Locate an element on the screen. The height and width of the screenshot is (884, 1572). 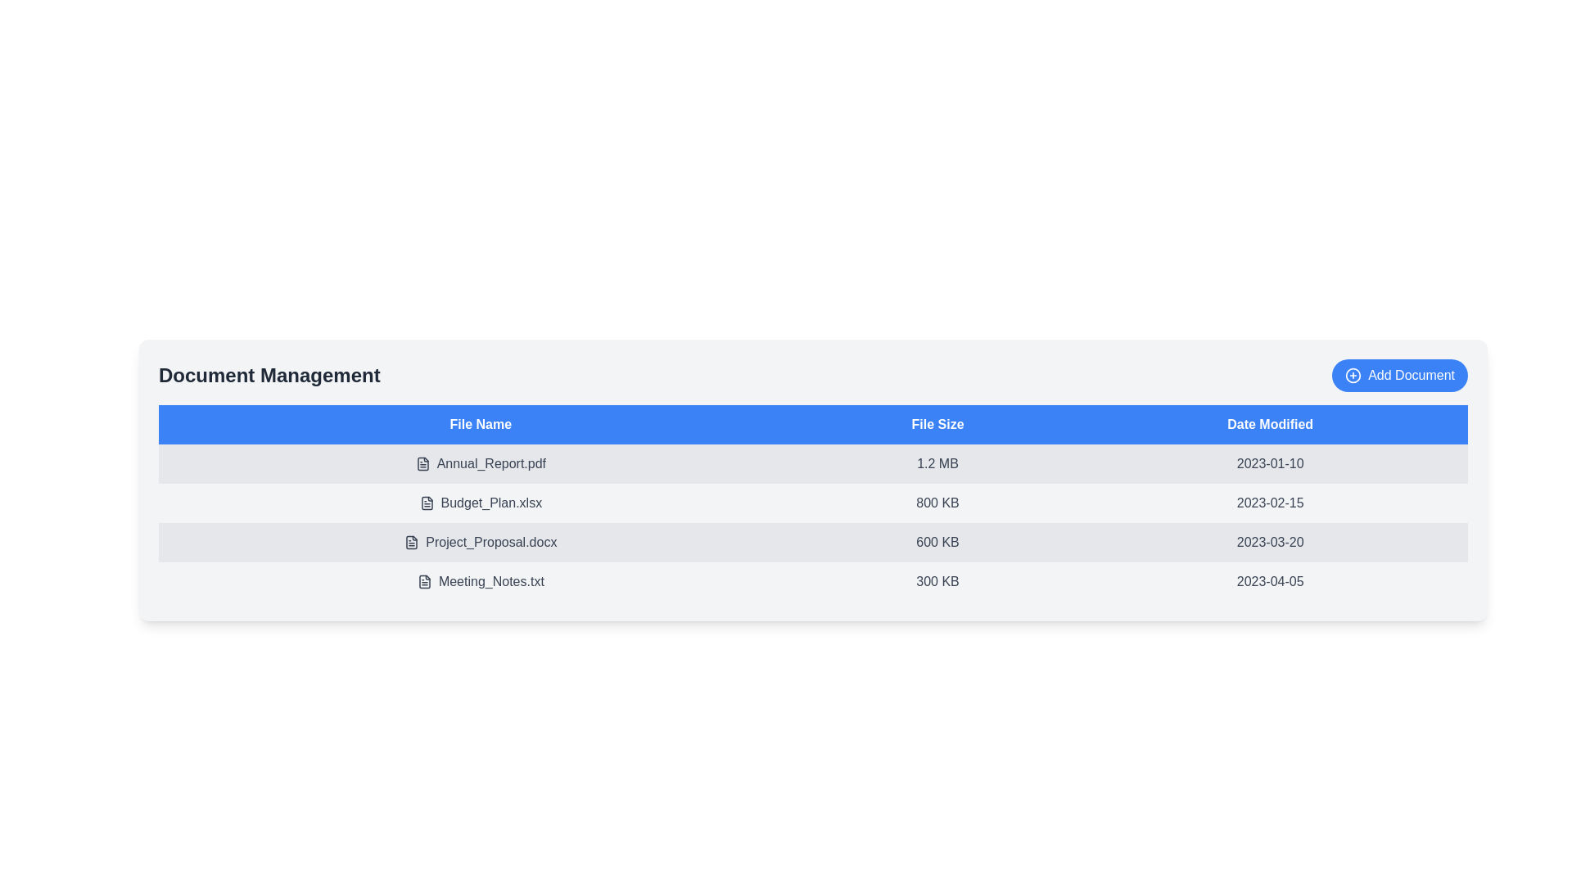
the table header File Size to sort the document list by that column is located at coordinates (937, 424).